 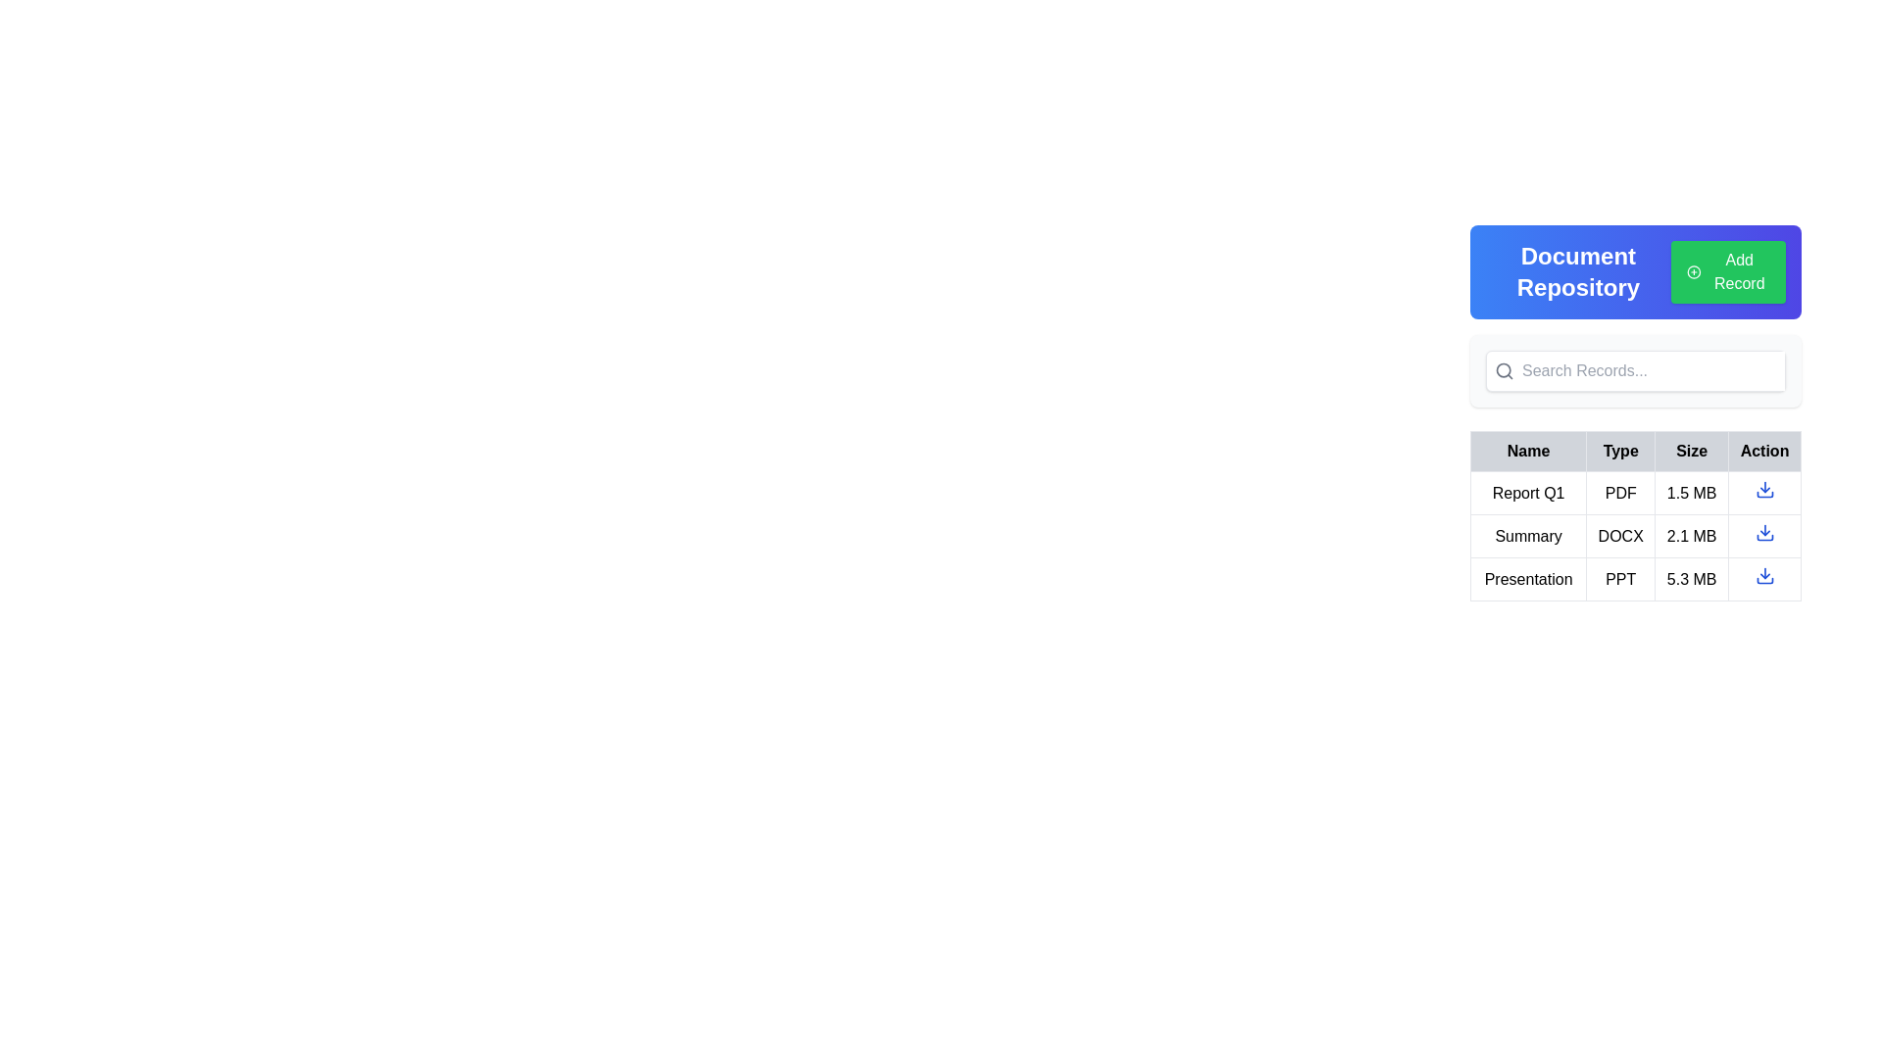 I want to click on the Text label that describes the file type of the presentation file, positioned between 'Presentation' and '5.3 MB' in the document details table, so click(x=1620, y=578).